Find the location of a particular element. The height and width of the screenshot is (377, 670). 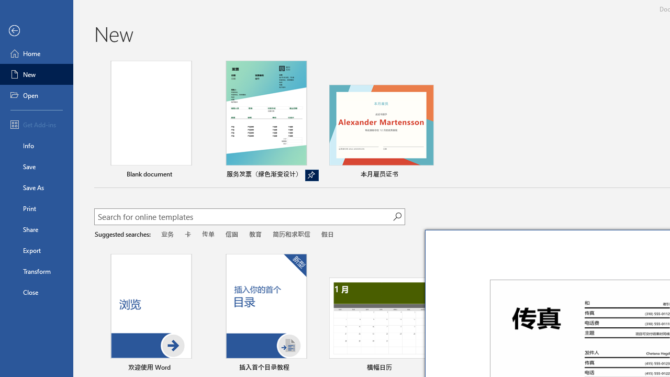

'Print' is located at coordinates (36, 208).